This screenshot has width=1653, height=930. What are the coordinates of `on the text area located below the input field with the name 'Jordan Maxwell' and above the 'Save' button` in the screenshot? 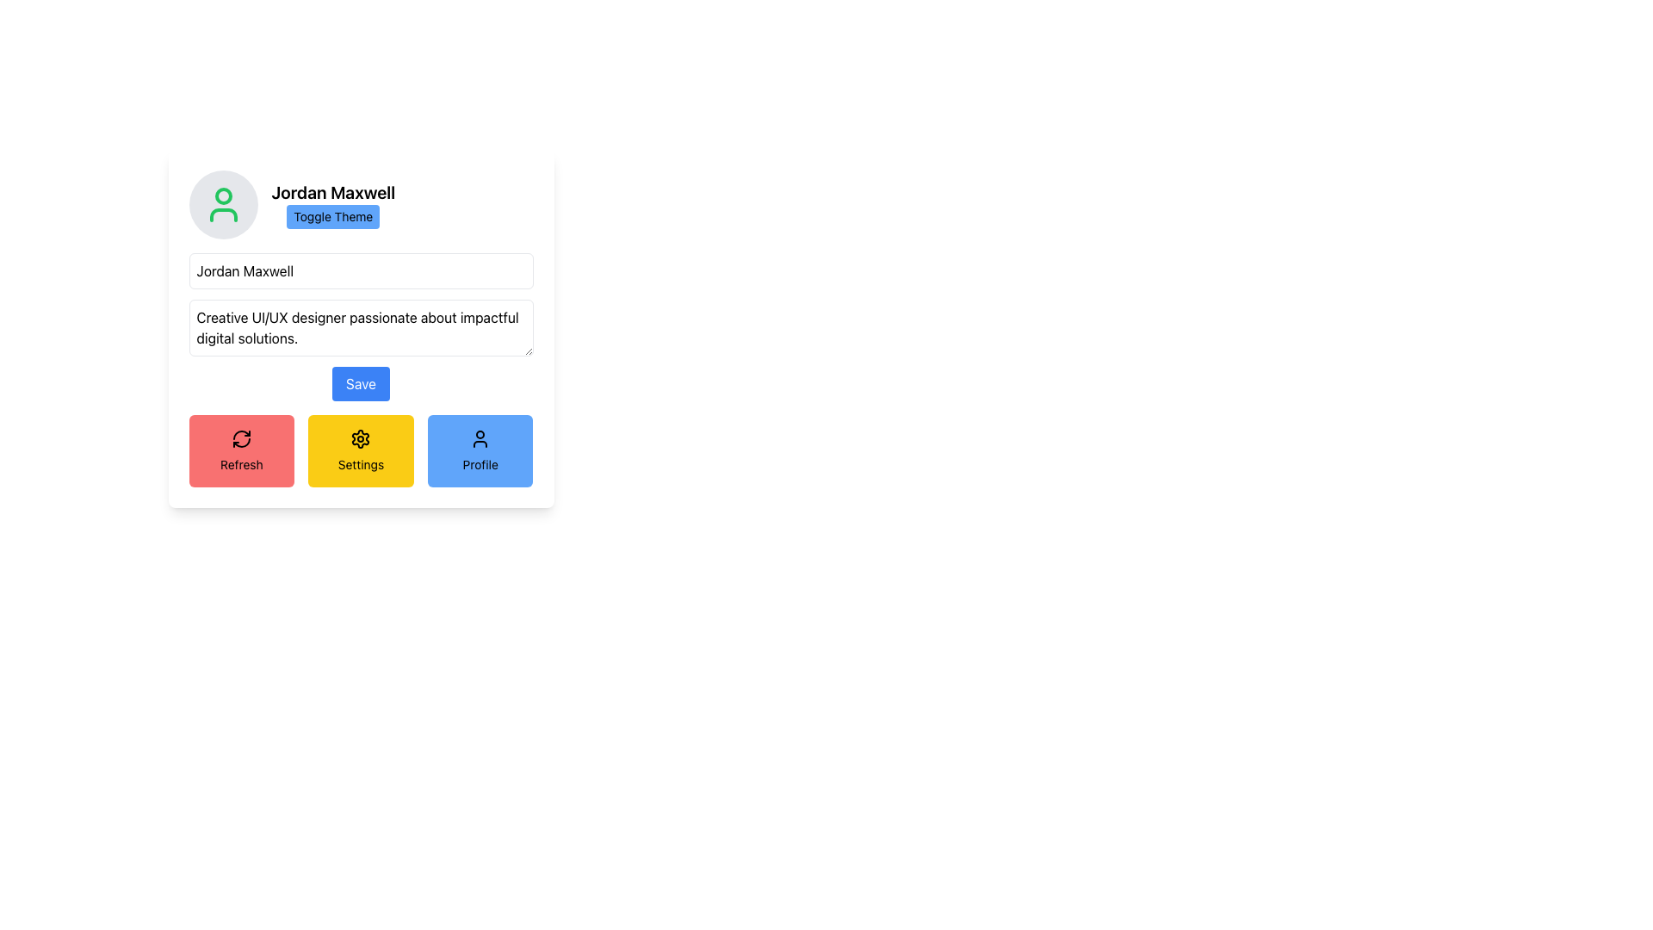 It's located at (360, 328).